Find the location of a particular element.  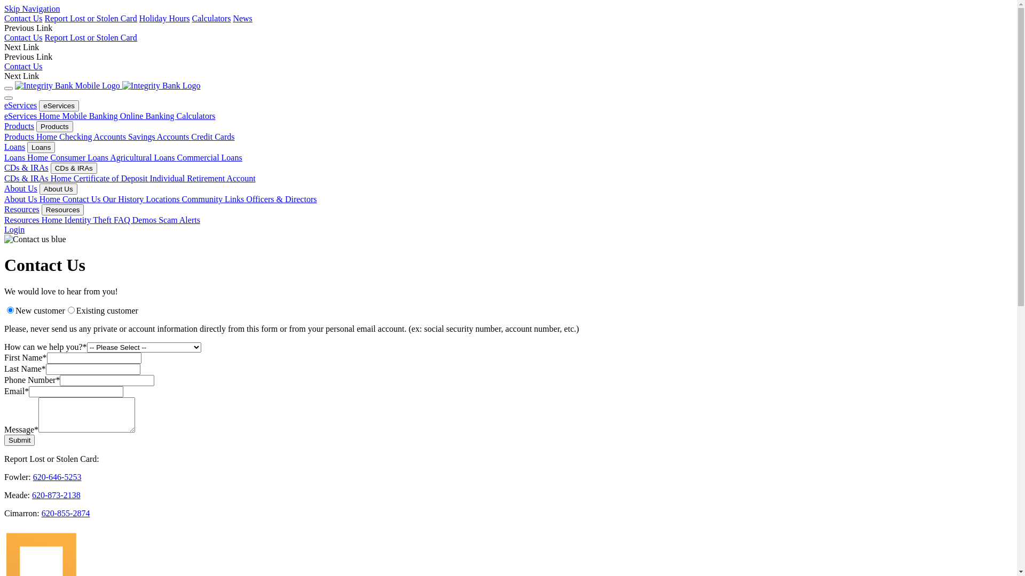

'Online Banking' is located at coordinates (148, 116).